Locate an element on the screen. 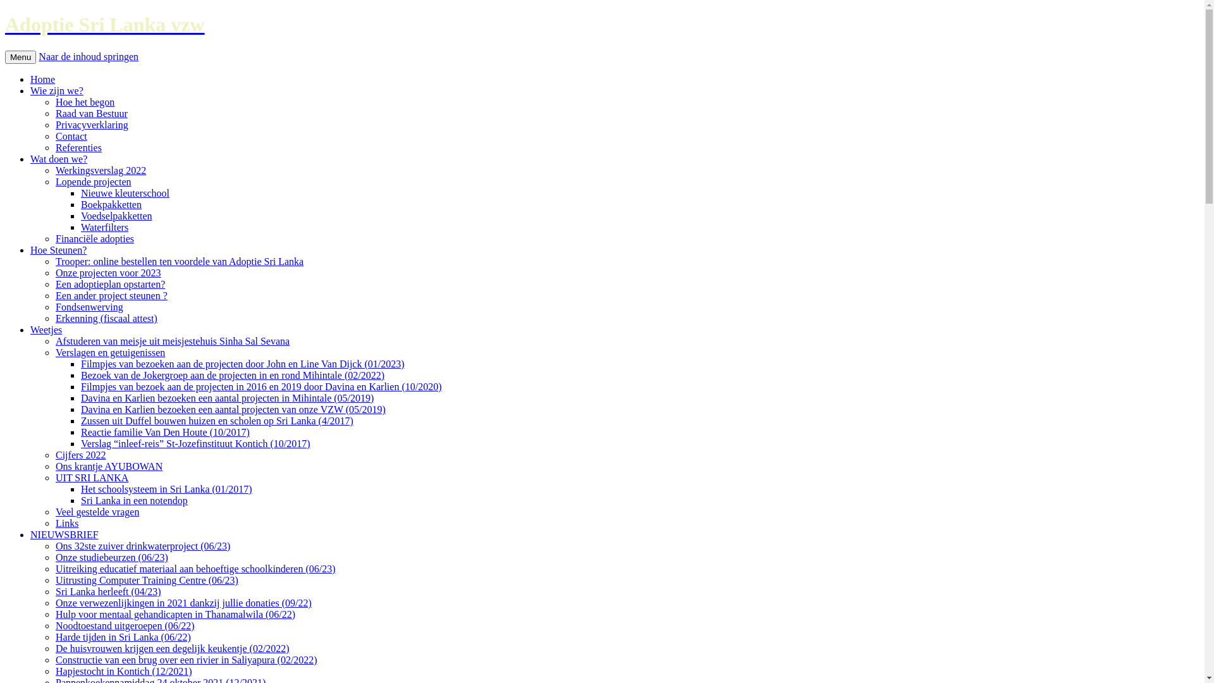  'Sri Lanka herleeft (04/23)' is located at coordinates (108, 591).